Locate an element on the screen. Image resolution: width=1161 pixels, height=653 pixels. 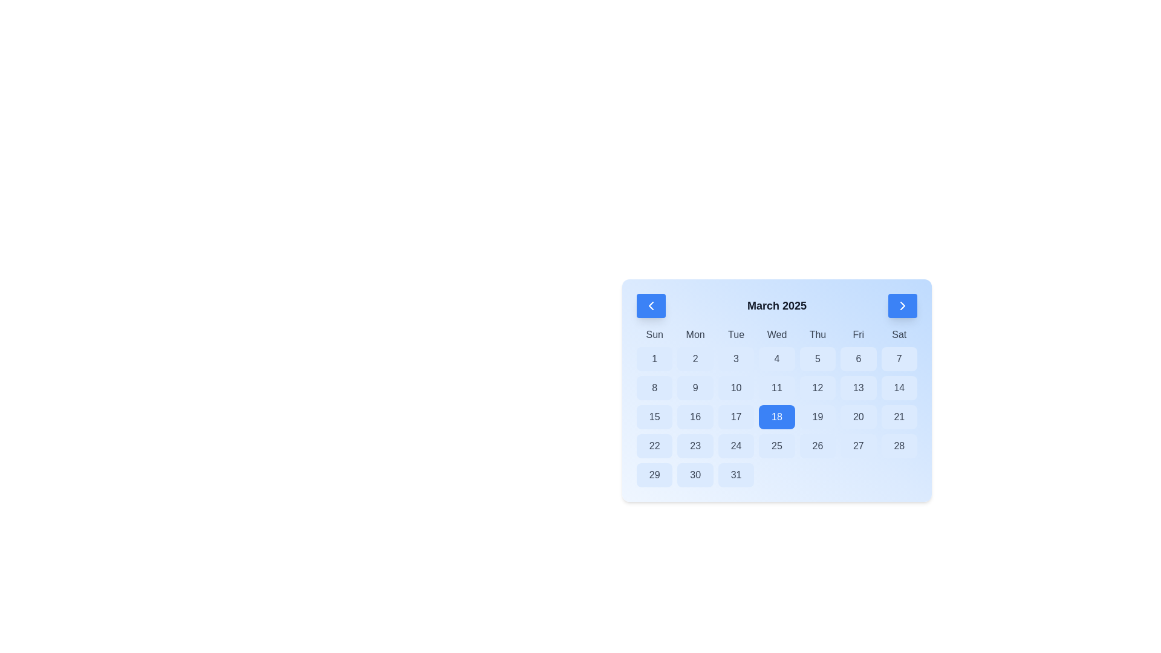
the light blue button with the number '6' in bold black text, located in the first week row under the 'Fri' column is located at coordinates (857, 359).